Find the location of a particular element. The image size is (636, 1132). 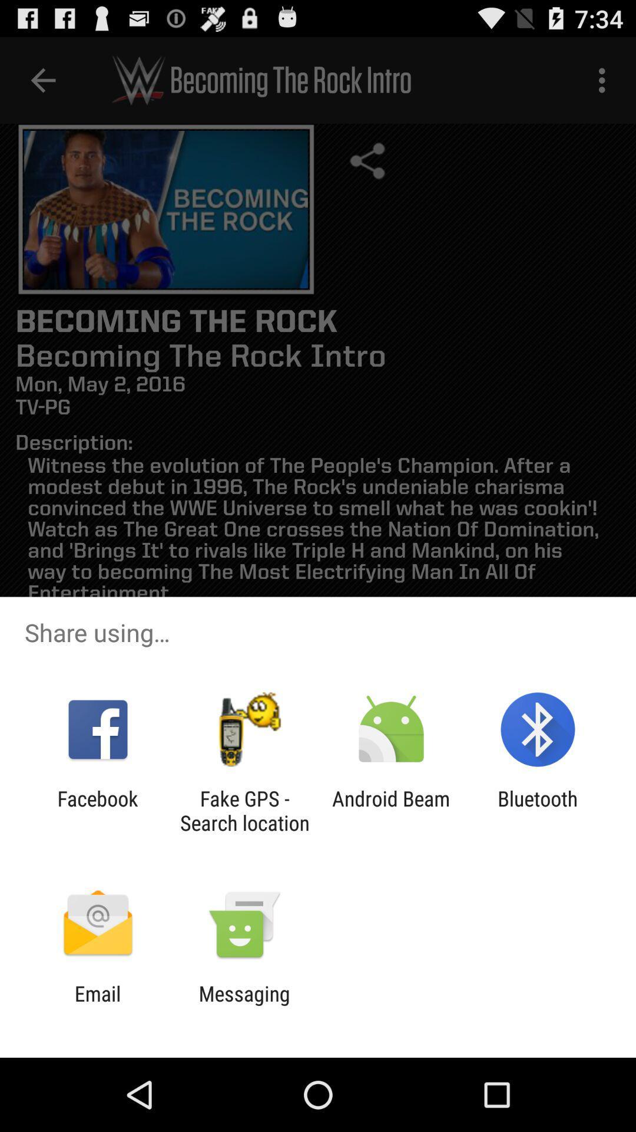

the android beam app is located at coordinates (391, 810).